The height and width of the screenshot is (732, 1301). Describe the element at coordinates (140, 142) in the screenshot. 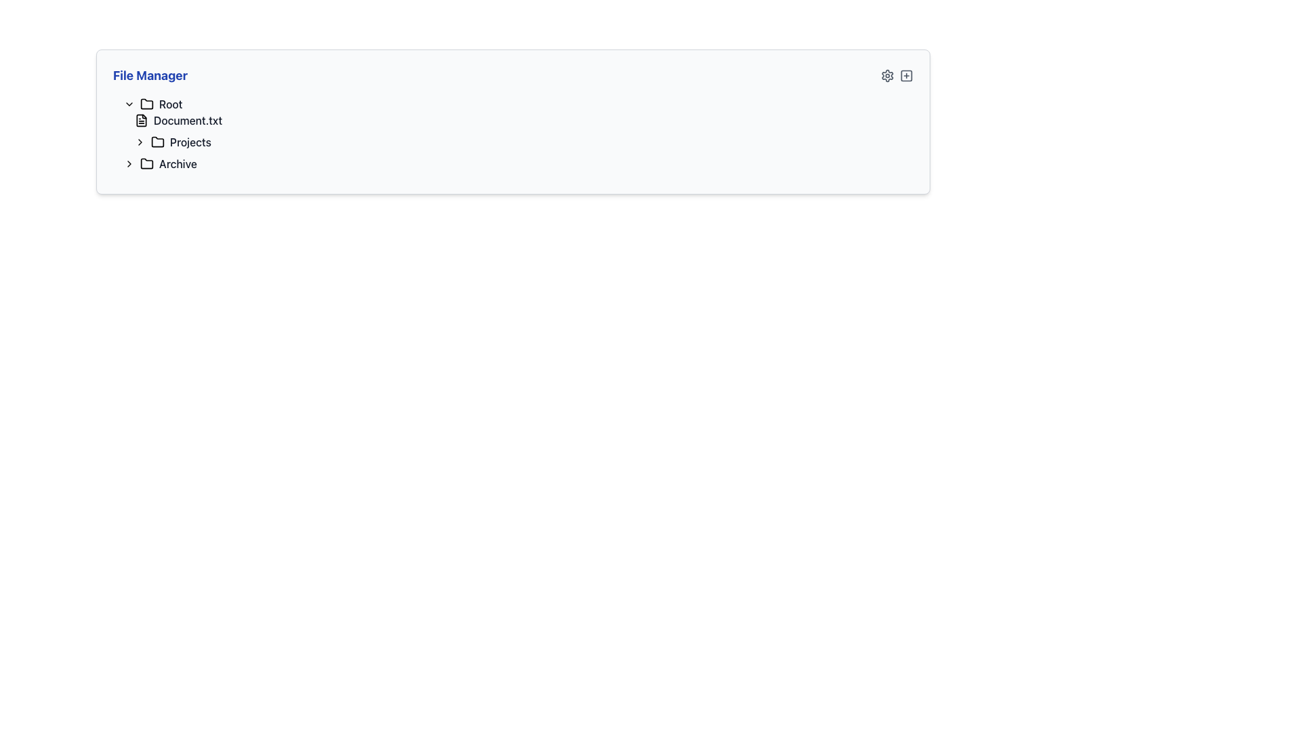

I see `the rightward chevron arrow icon button that is used for expanding or collapsing the 'Projects' folder, located to the left of the folder icon and title` at that location.